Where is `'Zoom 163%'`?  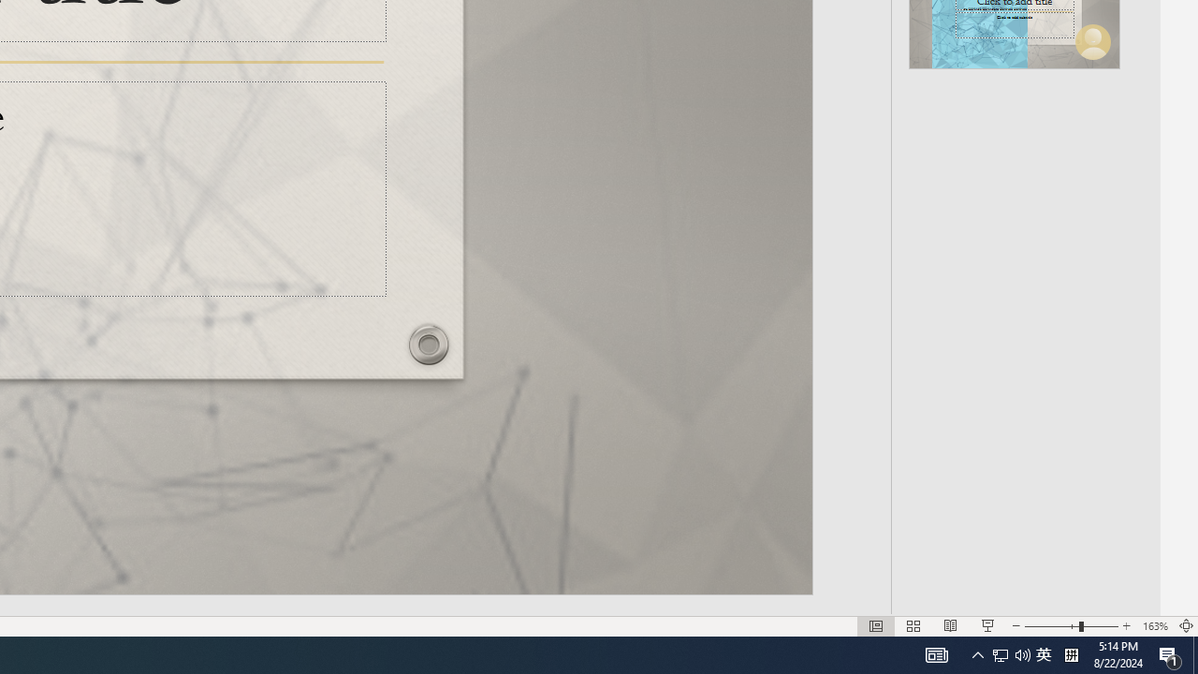
'Zoom 163%' is located at coordinates (1154, 626).